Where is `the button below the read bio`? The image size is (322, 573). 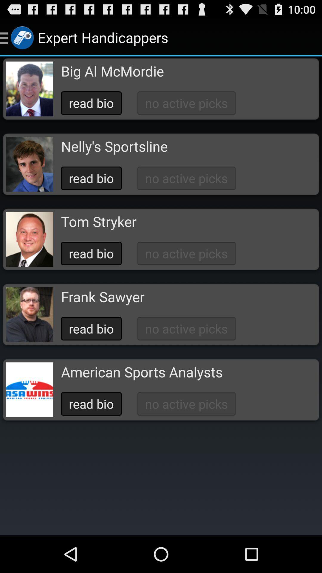
the button below the read bio is located at coordinates (142, 372).